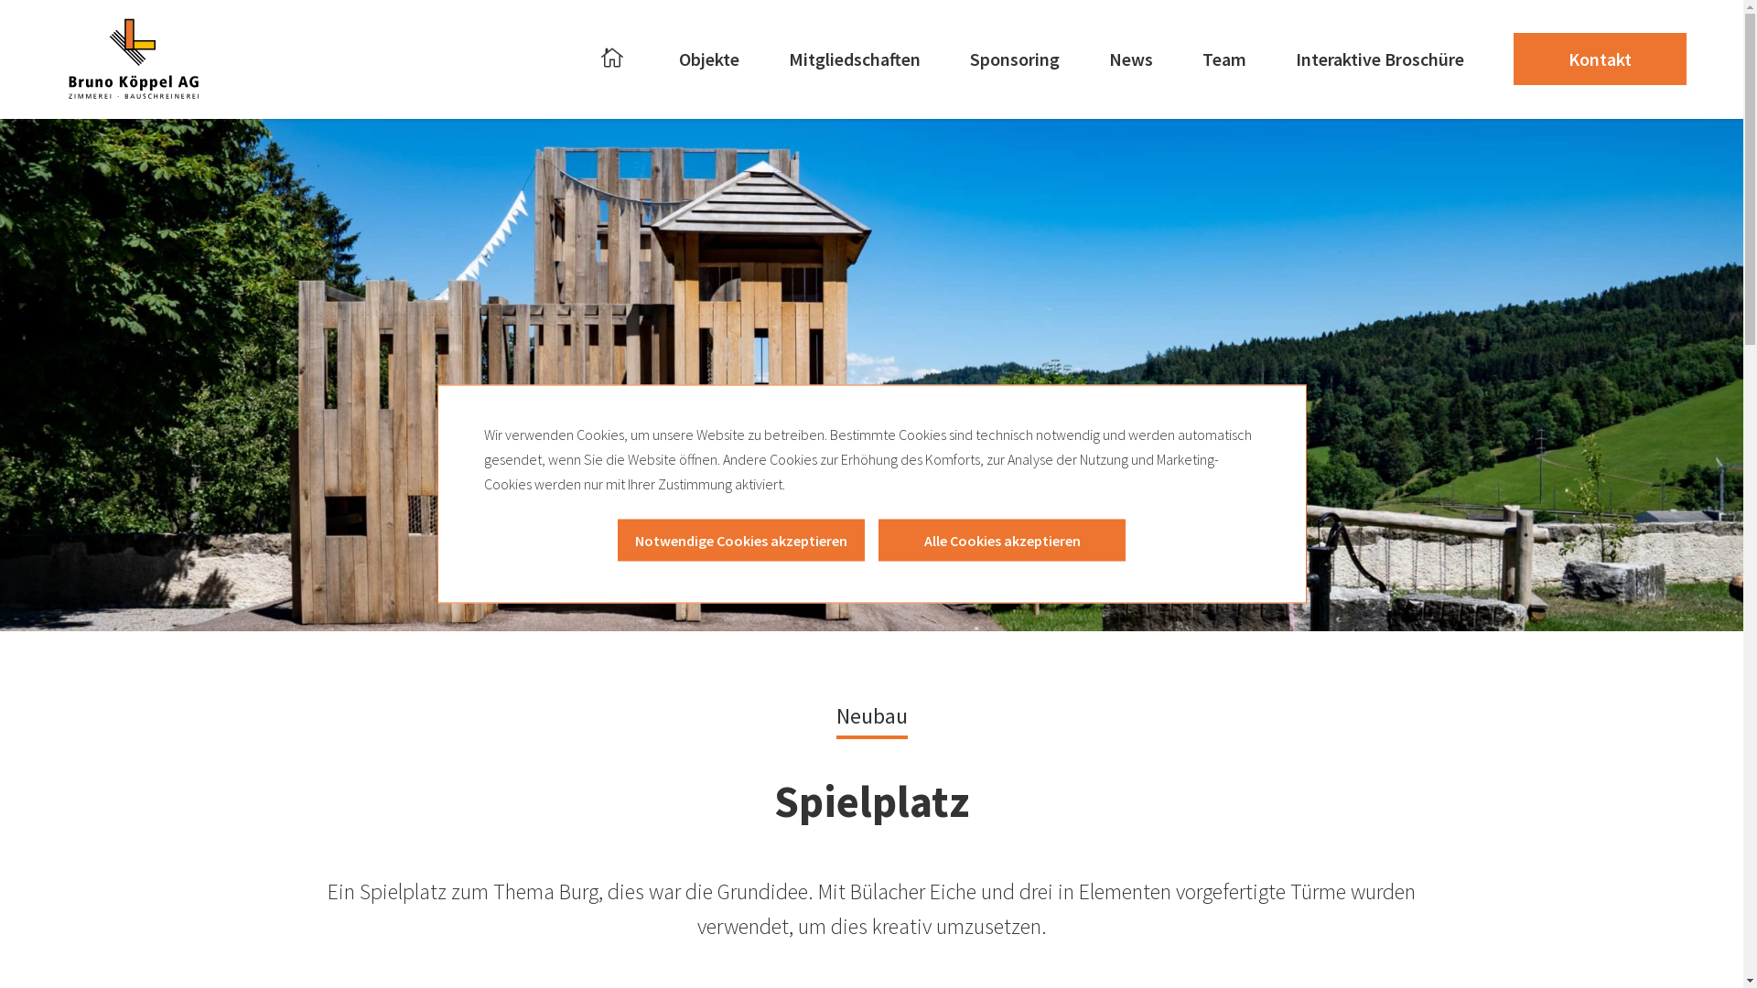 The height and width of the screenshot is (988, 1757). I want to click on 'News', so click(1130, 59).